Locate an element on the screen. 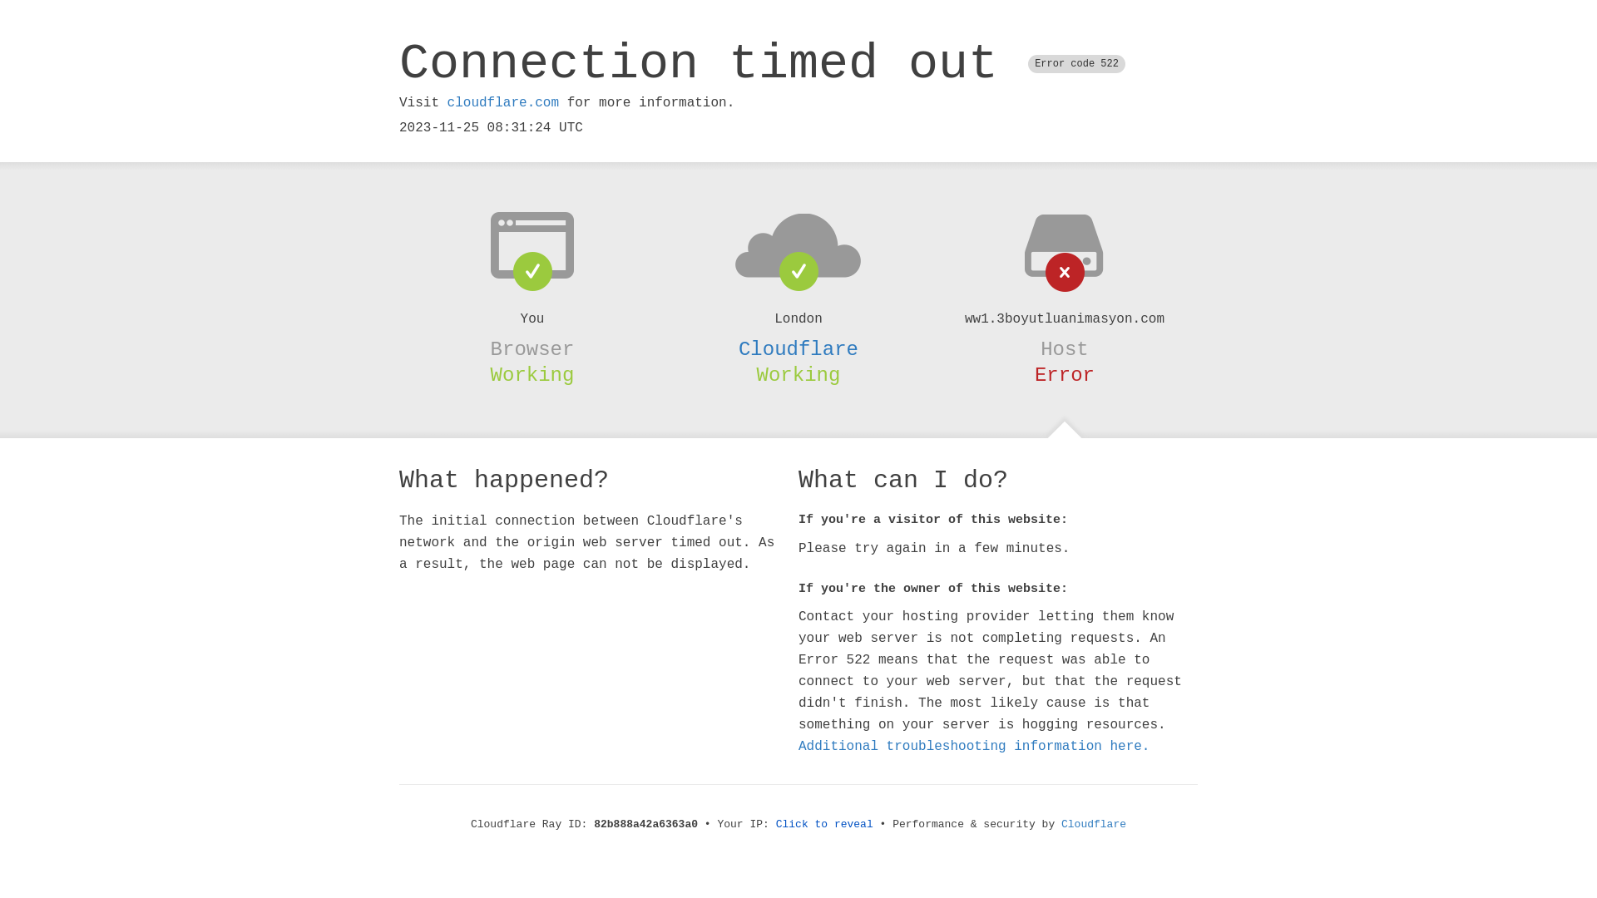 The height and width of the screenshot is (898, 1597). 'Click to reveal' is located at coordinates (824, 824).